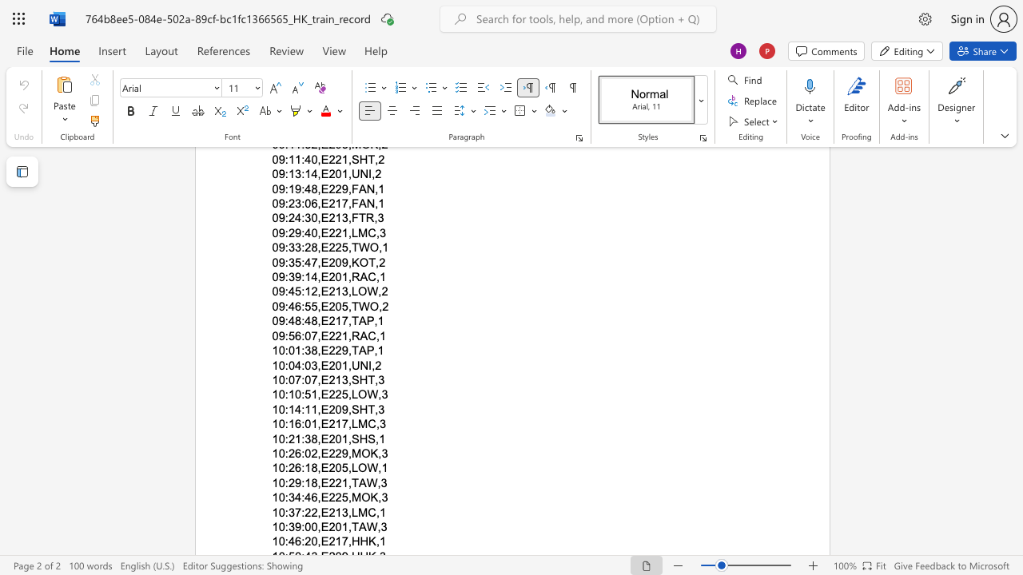 Image resolution: width=1023 pixels, height=575 pixels. Describe the element at coordinates (301, 512) in the screenshot. I see `the subset text ":22,E213,LMC," within the text "10:37:22,E213,LMC,1"` at that location.